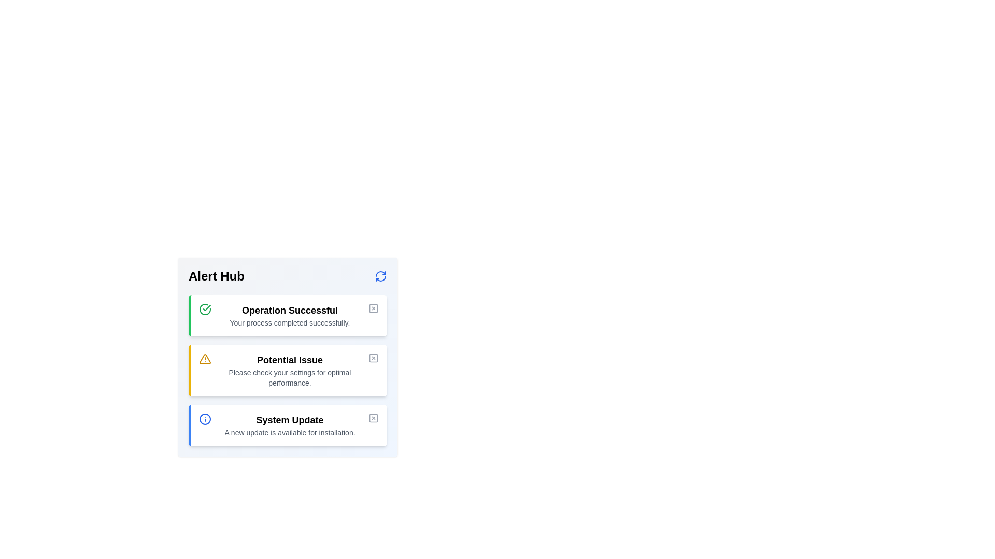 The height and width of the screenshot is (559, 995). What do you see at coordinates (373, 308) in the screenshot?
I see `the rectangular shape with rounded corners, styled in gray outline, located at the top-right corner of the 'Operation Successful' notification card` at bounding box center [373, 308].